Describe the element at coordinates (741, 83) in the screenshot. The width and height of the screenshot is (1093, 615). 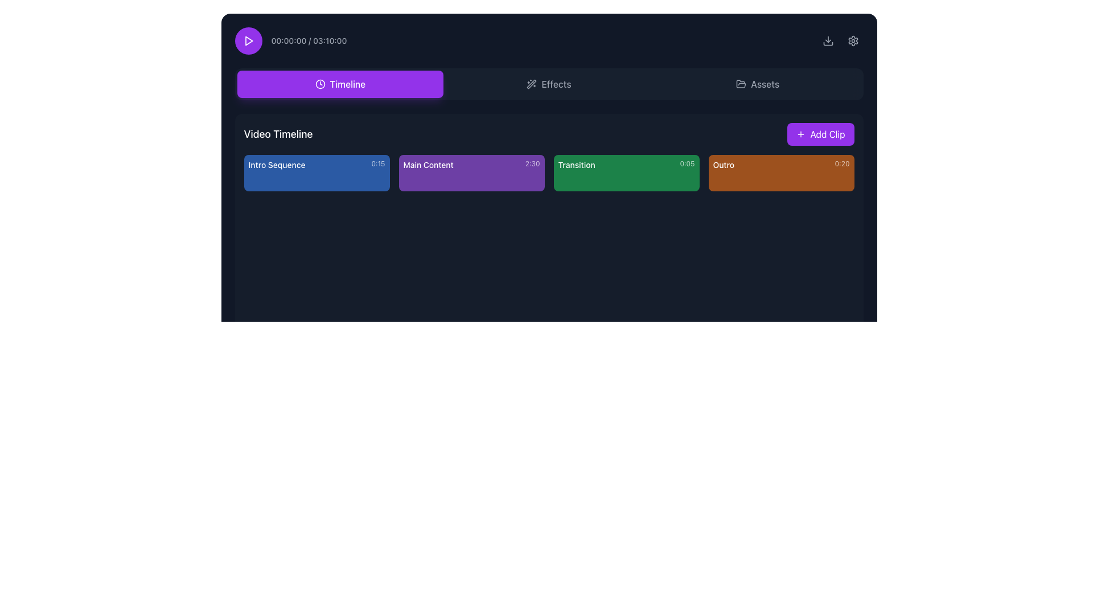
I see `the open folder icon located near the top-right corner of the interface, which visually indicates a directory or asset folder` at that location.